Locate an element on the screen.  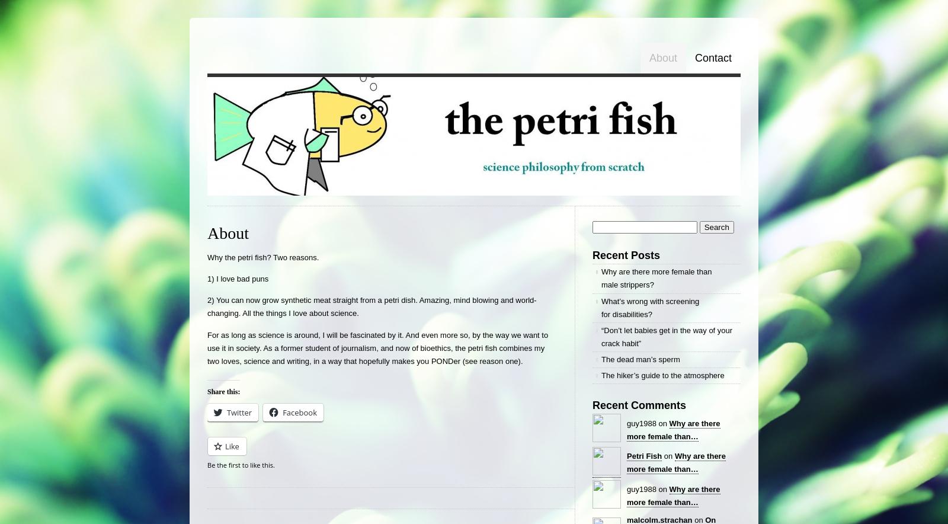
'The hiker’s guide to the atmosphere' is located at coordinates (662, 375).